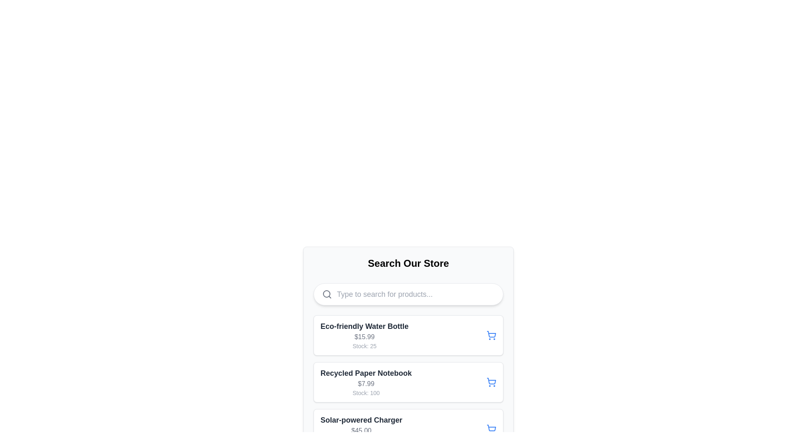 Image resolution: width=789 pixels, height=444 pixels. Describe the element at coordinates (416, 294) in the screenshot. I see `to focus on the text input field for searching products, which is centrally located below the header 'Search Our Store' and to the right of the search icon` at that location.